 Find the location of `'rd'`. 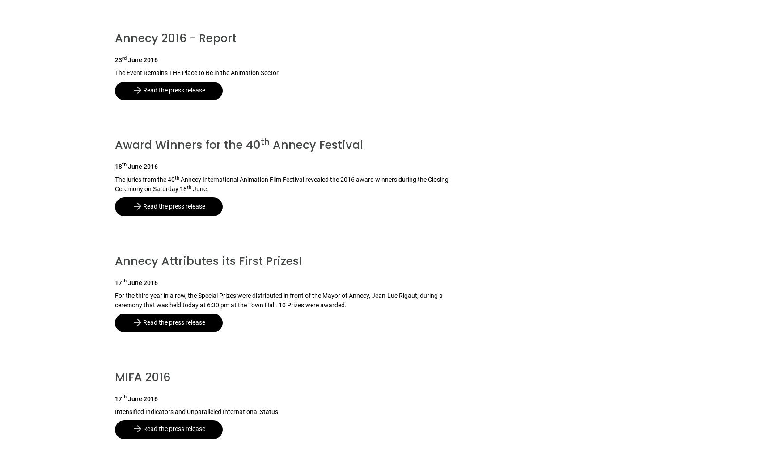

'rd' is located at coordinates (123, 57).